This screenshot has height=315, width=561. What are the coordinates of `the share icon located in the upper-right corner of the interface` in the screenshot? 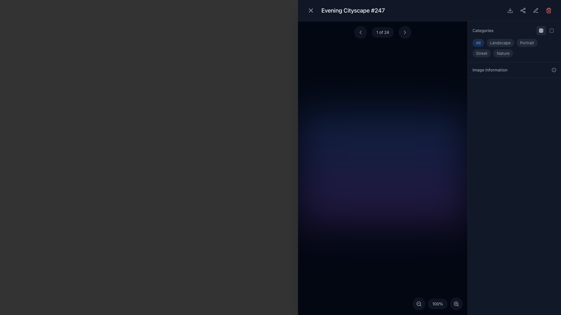 It's located at (523, 10).